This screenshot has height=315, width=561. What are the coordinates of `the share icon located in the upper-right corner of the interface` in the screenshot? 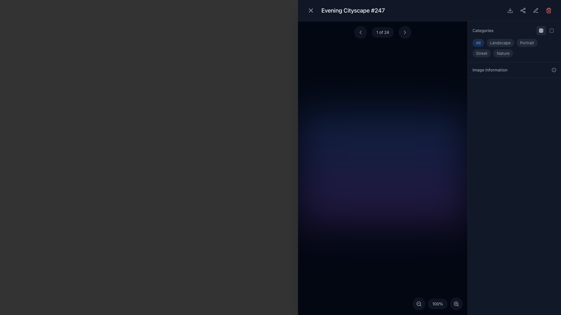 It's located at (523, 10).